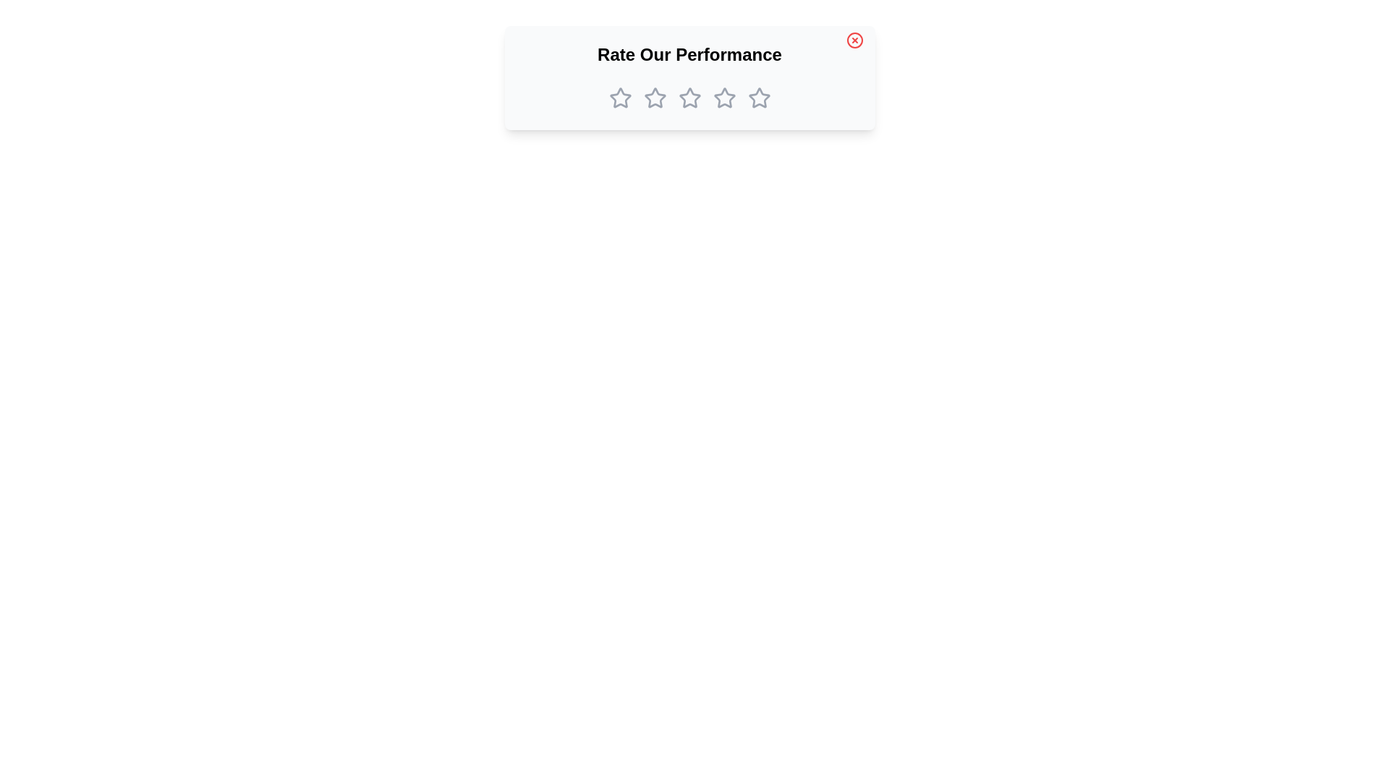  What do you see at coordinates (620, 98) in the screenshot?
I see `the star corresponding to the desired rating 1` at bounding box center [620, 98].